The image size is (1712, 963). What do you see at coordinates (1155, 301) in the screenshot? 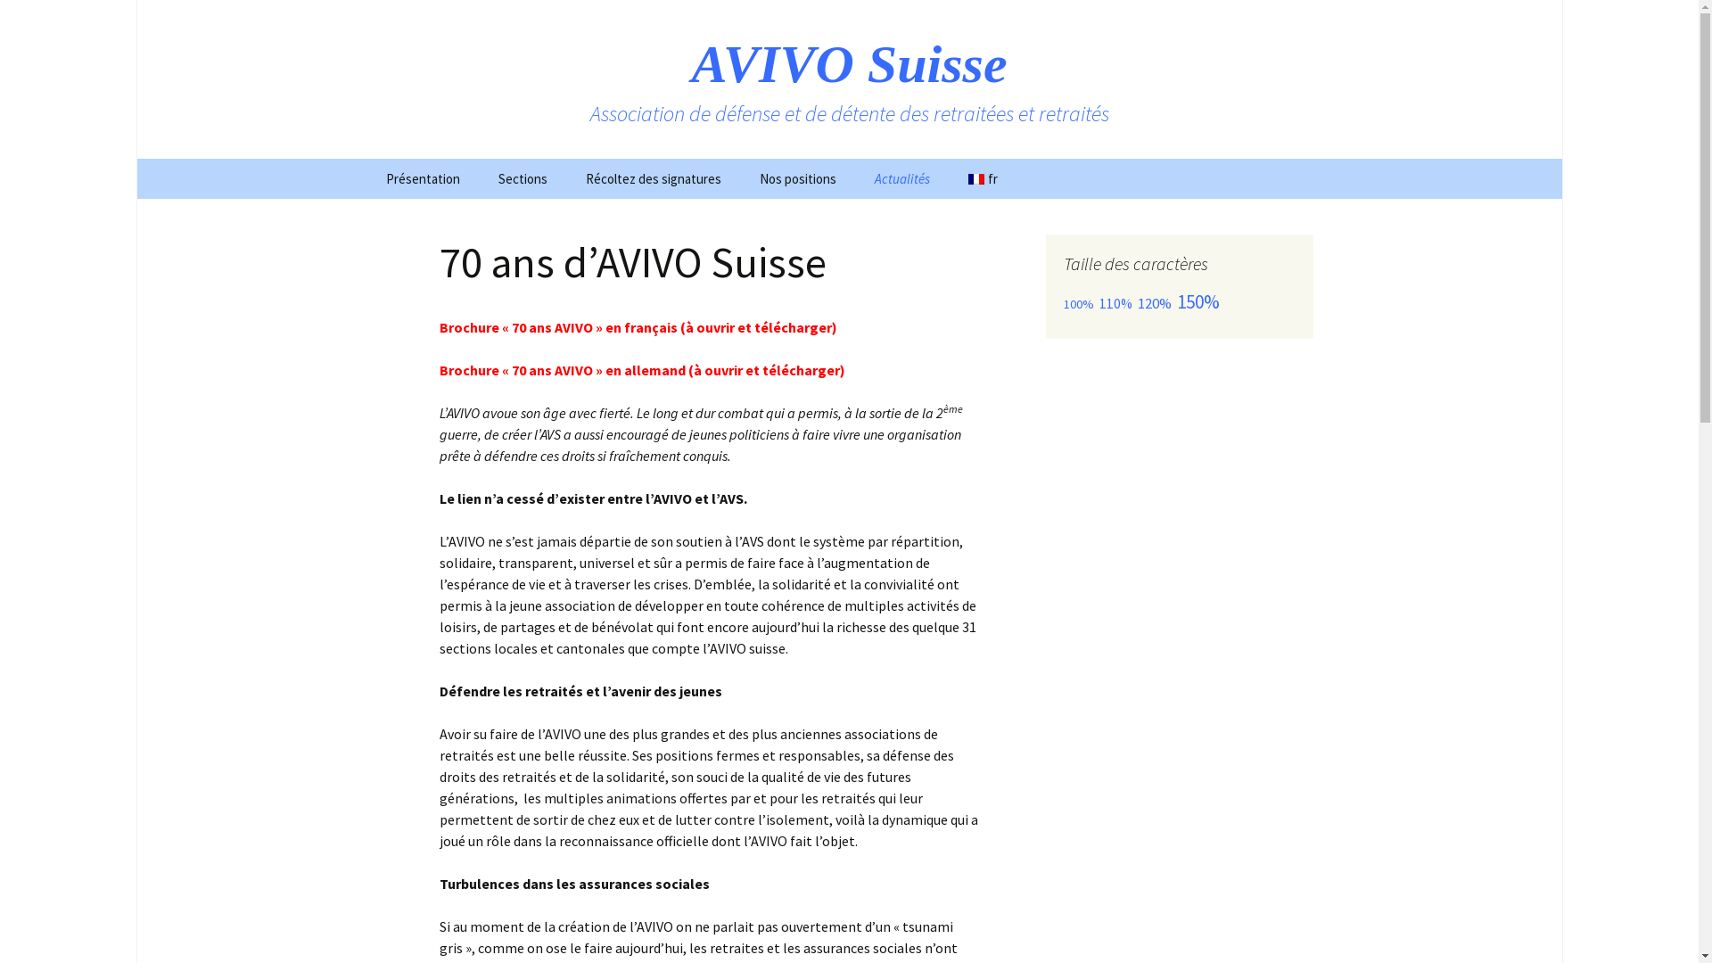
I see `'120%'` at bounding box center [1155, 301].